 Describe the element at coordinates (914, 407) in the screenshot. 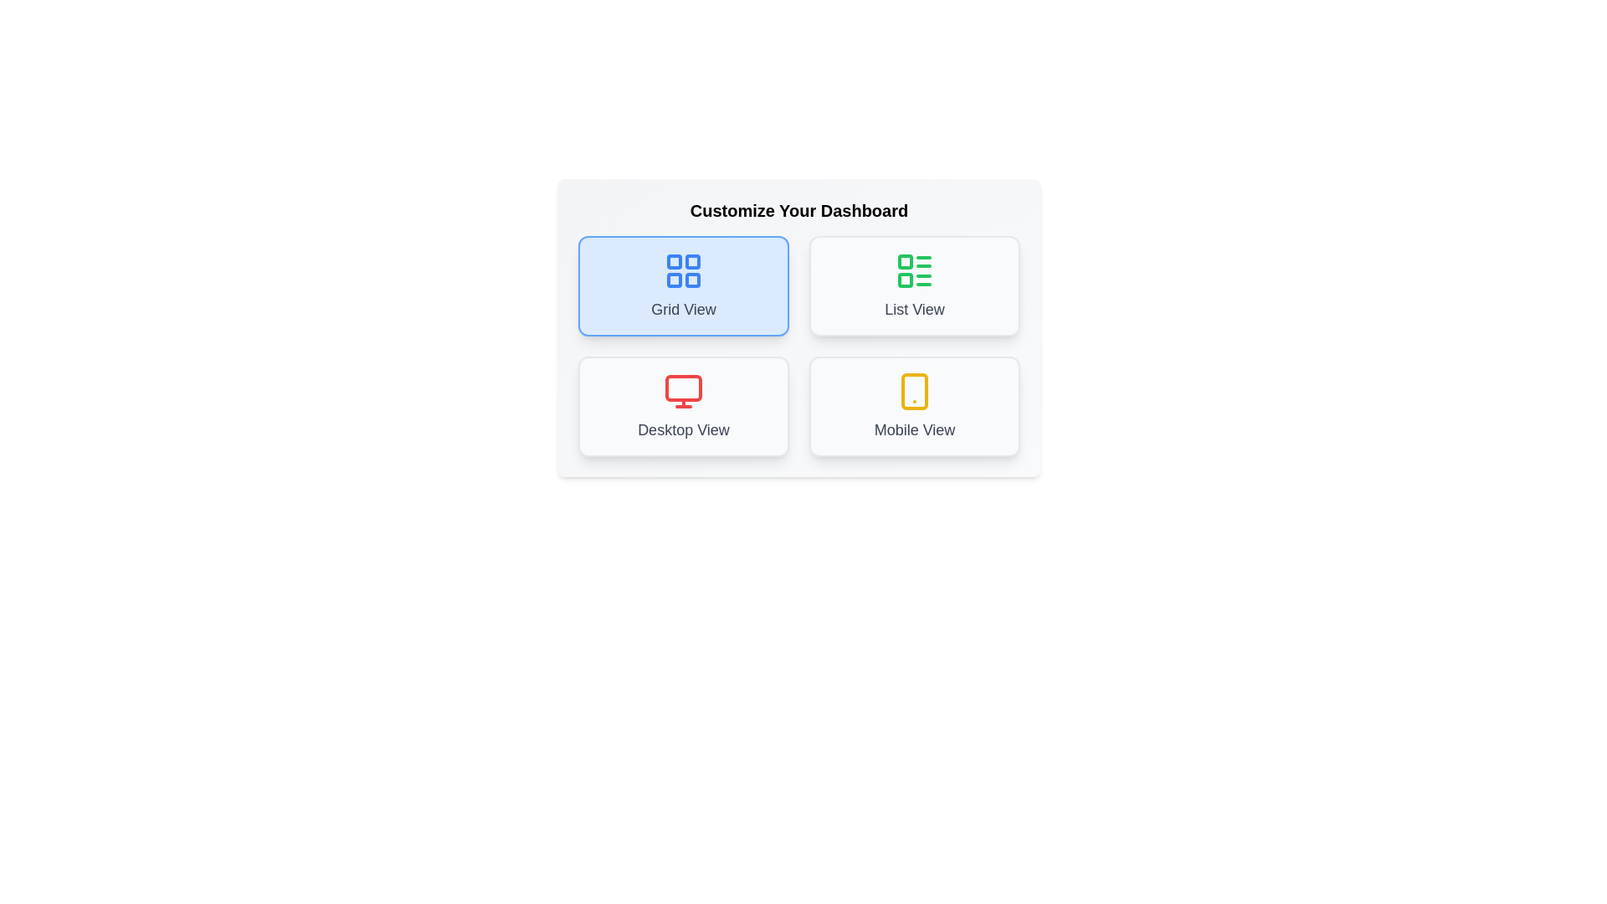

I see `the button corresponding to the layout Mobile View` at that location.